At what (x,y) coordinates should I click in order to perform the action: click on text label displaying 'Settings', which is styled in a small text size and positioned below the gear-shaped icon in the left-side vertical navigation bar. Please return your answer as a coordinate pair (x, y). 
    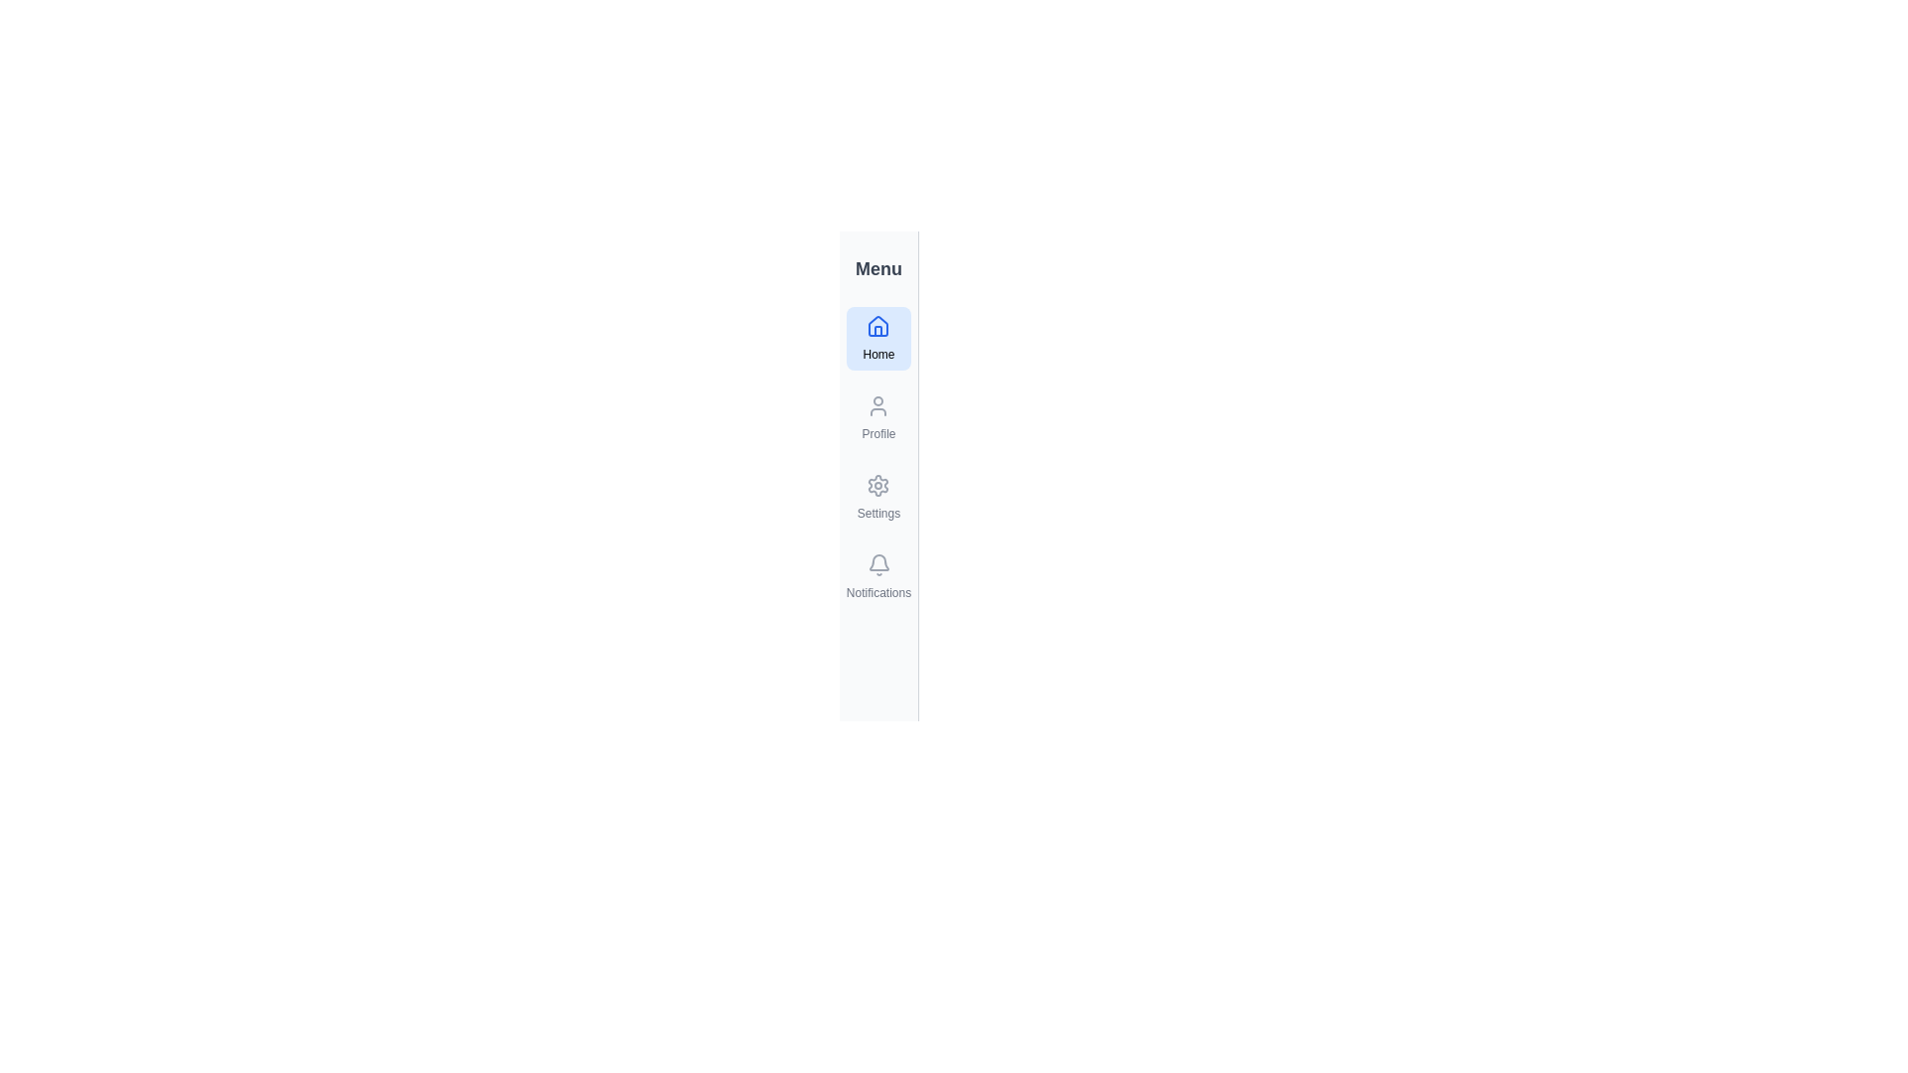
    Looking at the image, I should click on (877, 512).